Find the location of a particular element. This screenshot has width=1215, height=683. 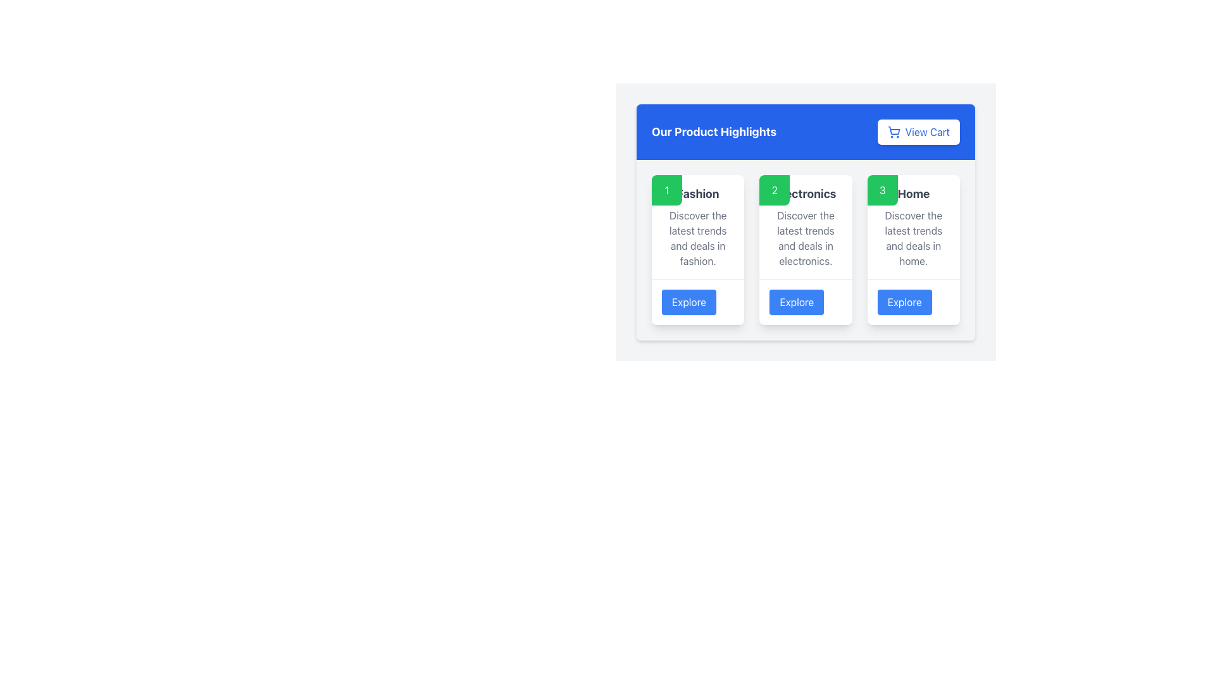

the first card in the grid layout under the header 'Our Product Highlights' is located at coordinates (697, 250).